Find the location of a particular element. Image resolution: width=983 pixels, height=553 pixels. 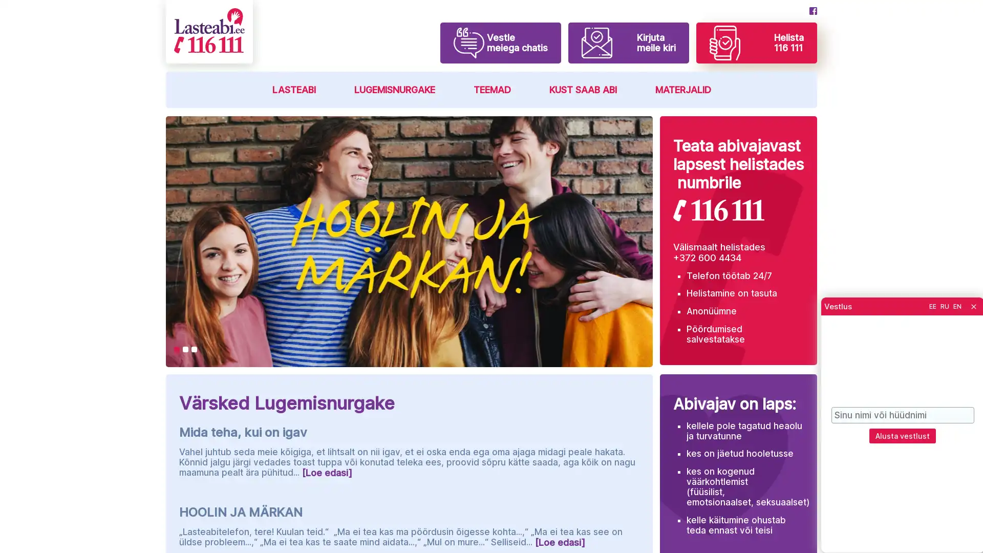

Alusta vestlust is located at coordinates (902, 435).